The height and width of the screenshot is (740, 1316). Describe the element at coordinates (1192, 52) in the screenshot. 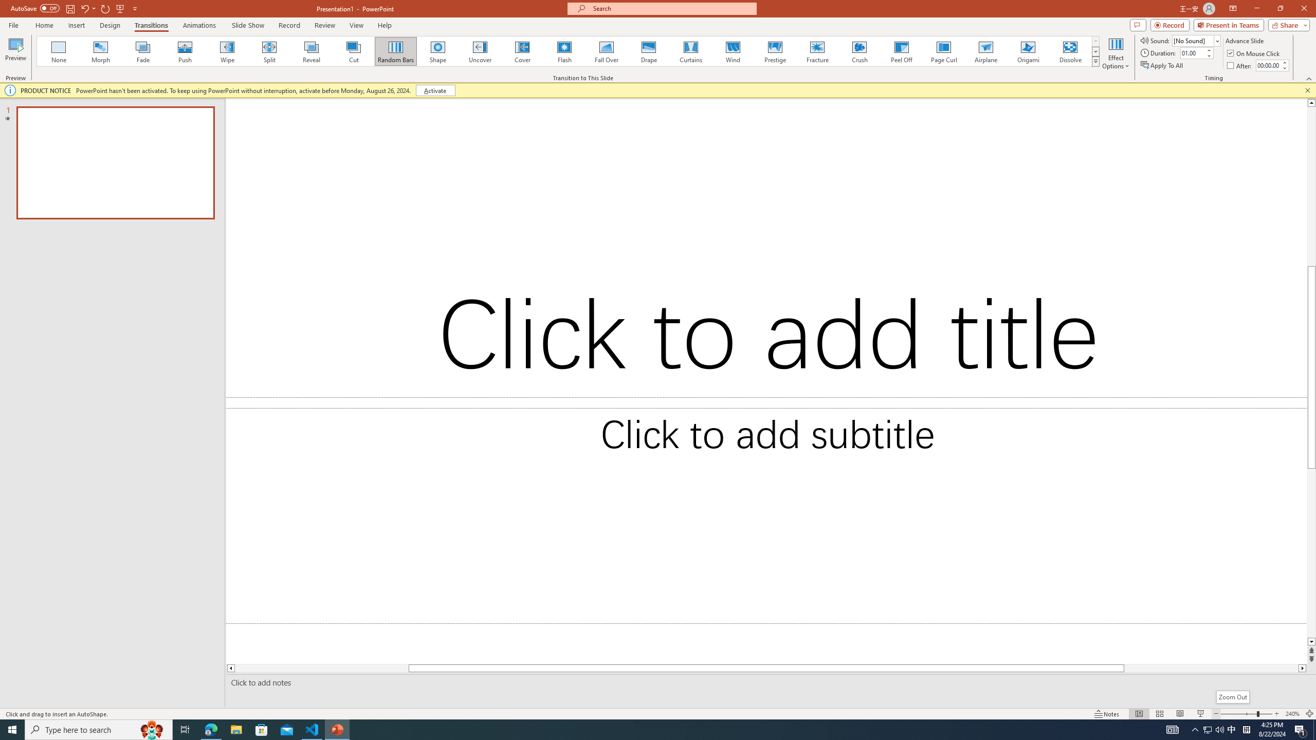

I see `'Duration'` at that location.